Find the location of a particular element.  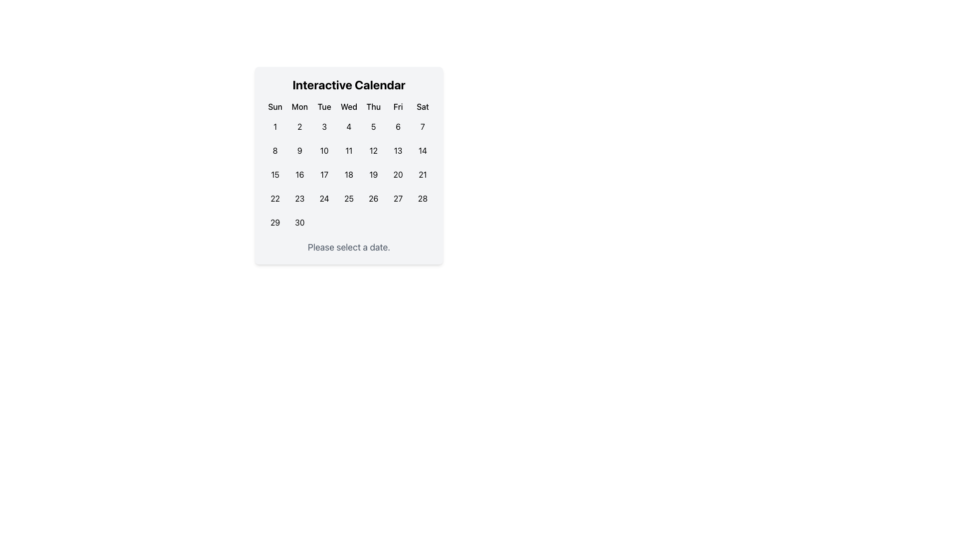

the 'Interactive Calendar' text label, which is a bold and enlarged heading located at the top center of the interactive calendar interface is located at coordinates (349, 84).